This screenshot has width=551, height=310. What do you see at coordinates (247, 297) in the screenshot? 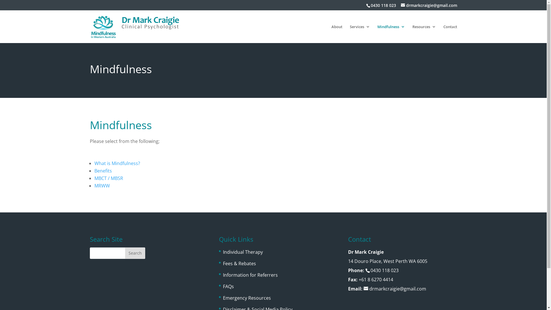
I see `'Emergency Resources'` at bounding box center [247, 297].